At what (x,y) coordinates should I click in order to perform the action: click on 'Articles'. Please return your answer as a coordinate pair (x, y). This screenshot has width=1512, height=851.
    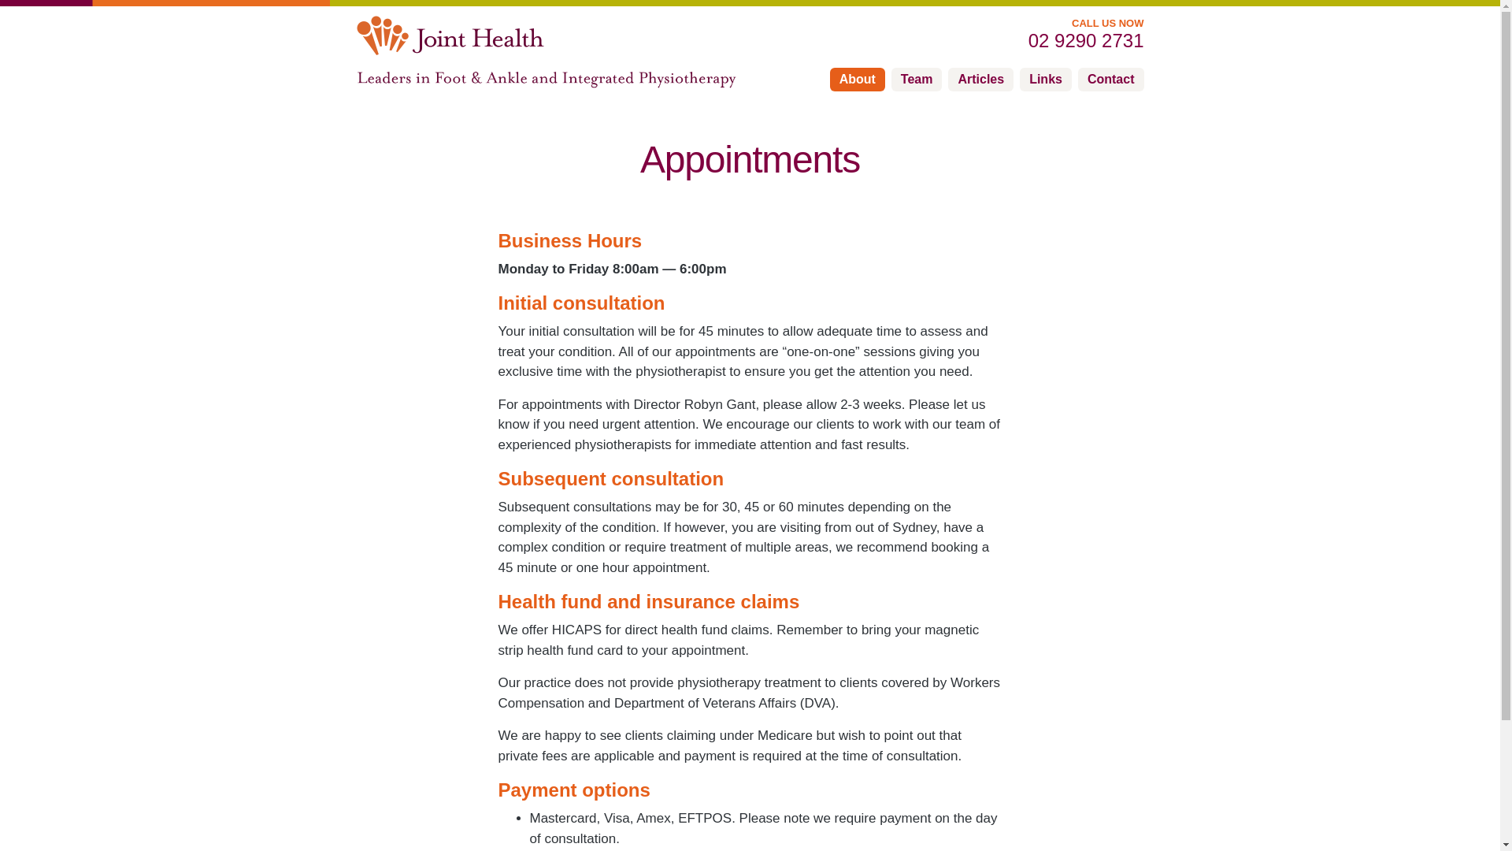
    Looking at the image, I should click on (980, 79).